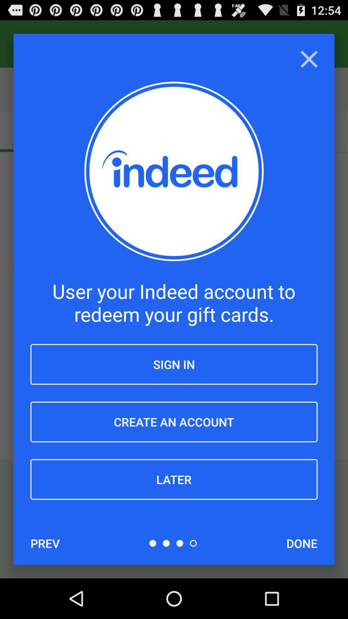  What do you see at coordinates (45, 543) in the screenshot?
I see `item below the later` at bounding box center [45, 543].